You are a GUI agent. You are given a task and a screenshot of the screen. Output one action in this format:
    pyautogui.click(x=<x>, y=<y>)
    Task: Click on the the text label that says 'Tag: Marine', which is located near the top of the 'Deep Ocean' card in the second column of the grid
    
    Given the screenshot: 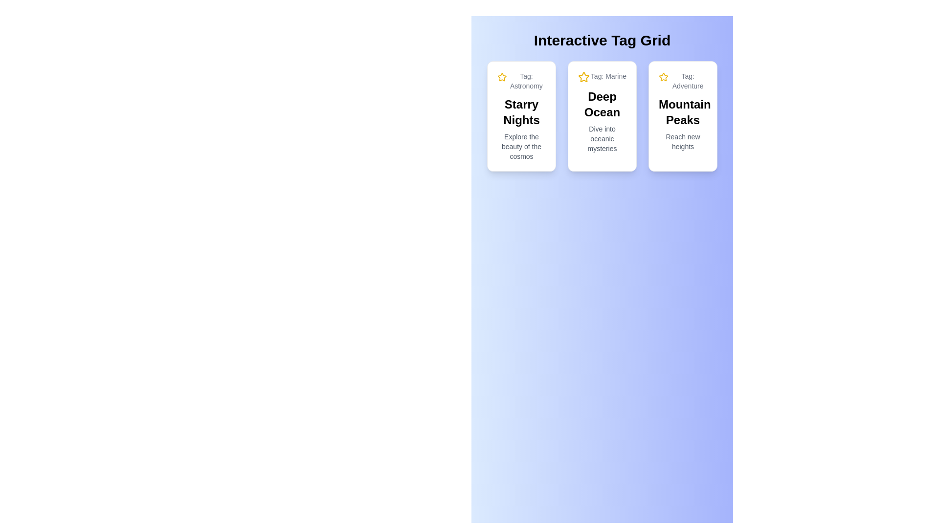 What is the action you would take?
    pyautogui.click(x=602, y=77)
    